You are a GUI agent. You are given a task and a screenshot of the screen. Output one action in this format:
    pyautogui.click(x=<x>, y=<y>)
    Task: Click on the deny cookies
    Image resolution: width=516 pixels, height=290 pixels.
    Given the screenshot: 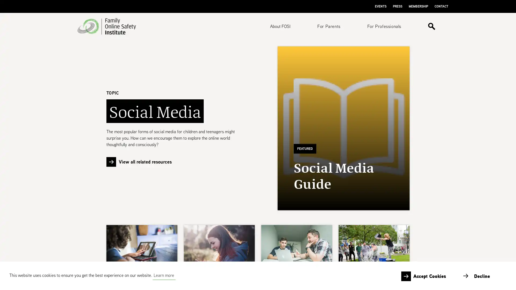 What is the action you would take?
    pyautogui.click(x=476, y=275)
    